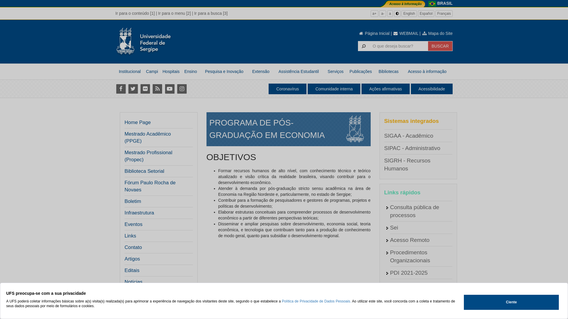 This screenshot has width=568, height=319. Describe the element at coordinates (152, 71) in the screenshot. I see `'Campi'` at that location.